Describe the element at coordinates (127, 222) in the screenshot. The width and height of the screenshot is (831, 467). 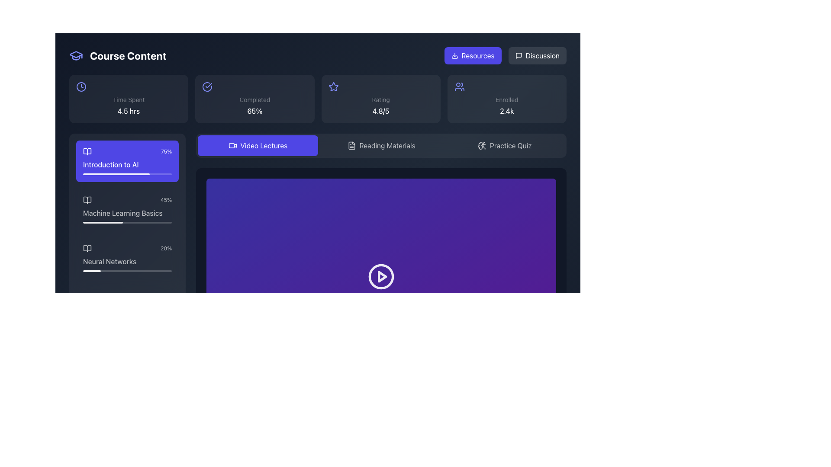
I see `the progress value of the first progress bar located below the label in the 'Machine Learning Basics' list item` at that location.